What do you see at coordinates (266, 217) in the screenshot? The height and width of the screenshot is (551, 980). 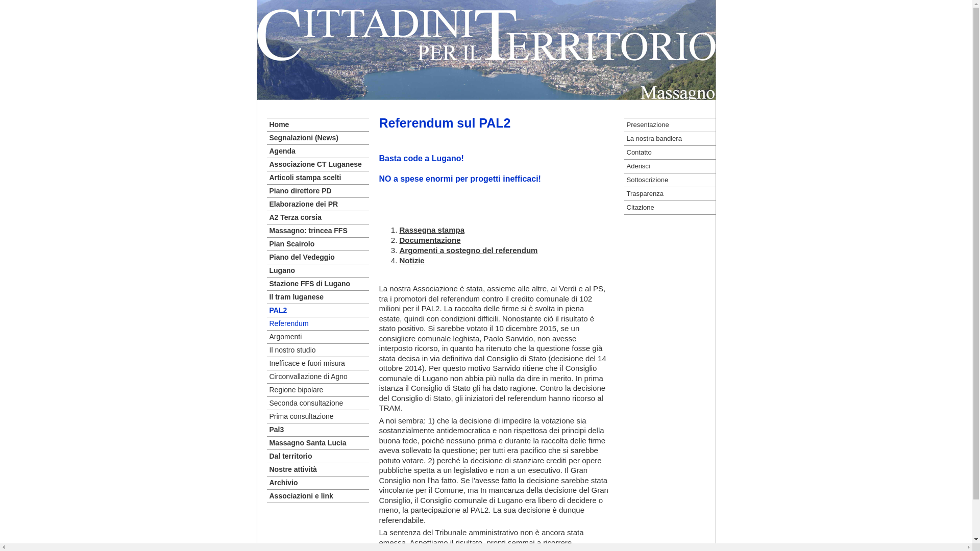 I see `'A2 Terza corsia'` at bounding box center [266, 217].